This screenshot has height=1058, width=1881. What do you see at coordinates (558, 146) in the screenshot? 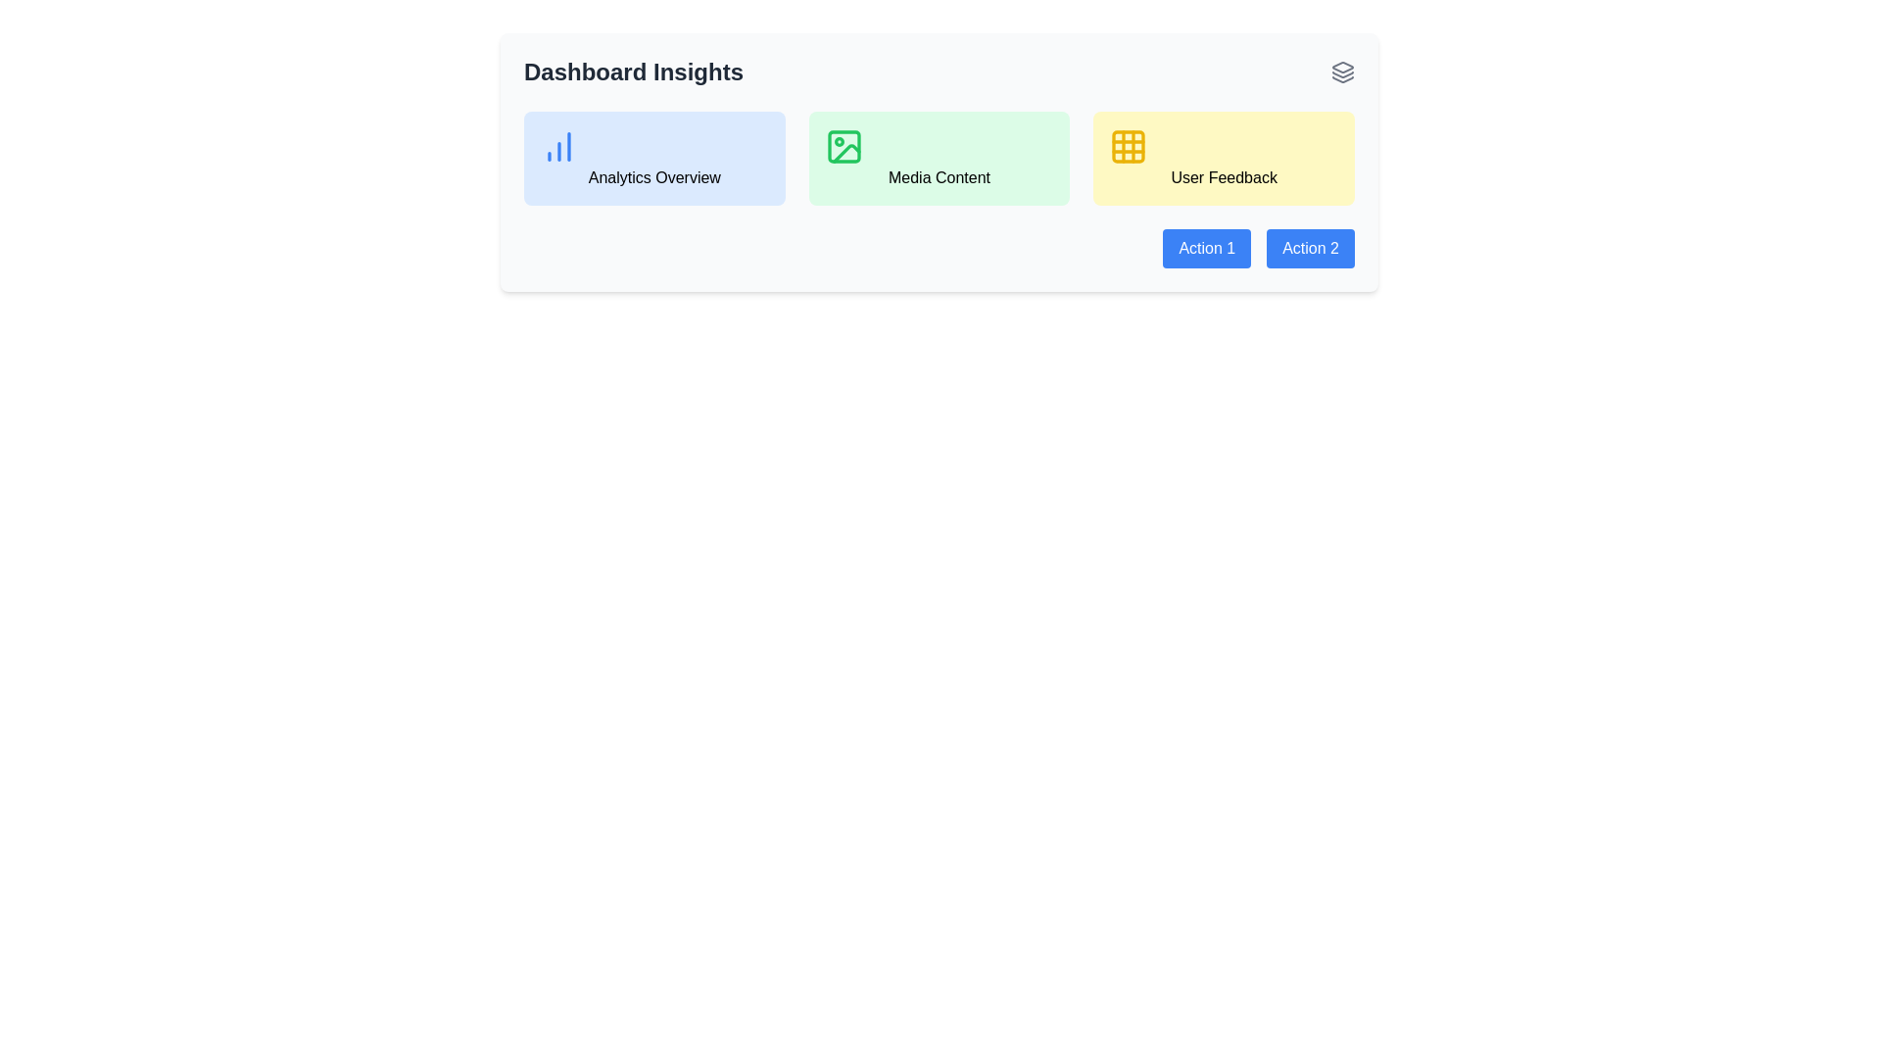
I see `the column-style chart icon in the 'Analytics Overview' section of the 'Dashboard Insights' panel, which is characterized by three vertical bars of increasing height and styled in blue, positioned to the left of the 'Analytics Overview' label` at bounding box center [558, 146].